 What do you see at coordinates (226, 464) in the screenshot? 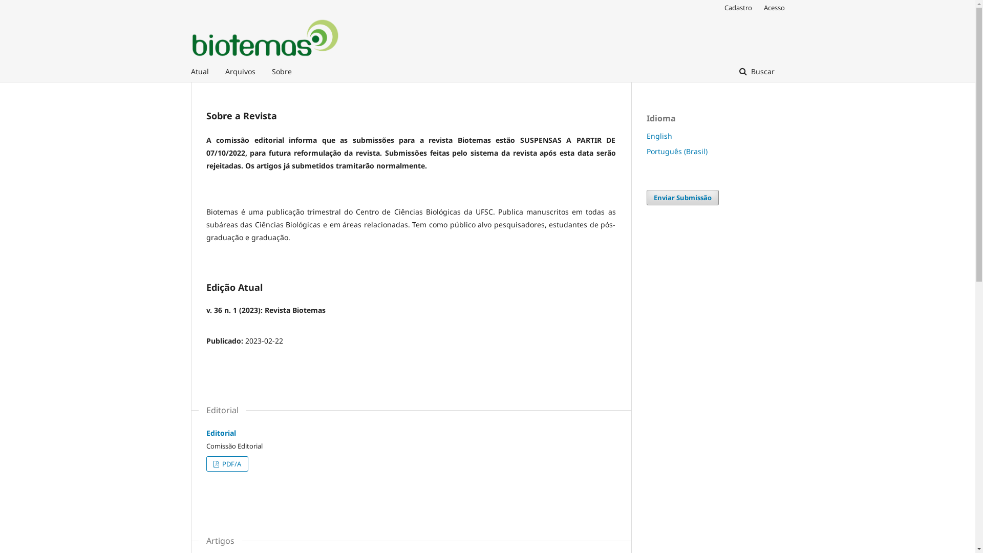
I see `'PDF/A'` at bounding box center [226, 464].